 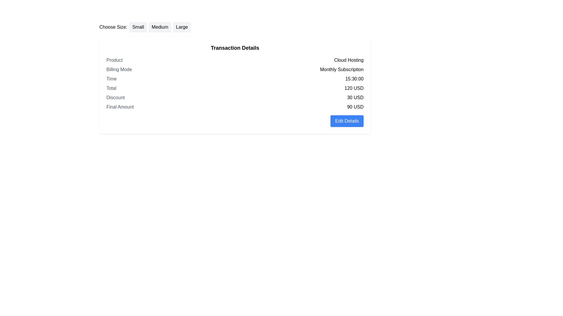 What do you see at coordinates (113, 27) in the screenshot?
I see `label with the content 'Choose Size:' to understand the context of the adjacent size selection buttons` at bounding box center [113, 27].